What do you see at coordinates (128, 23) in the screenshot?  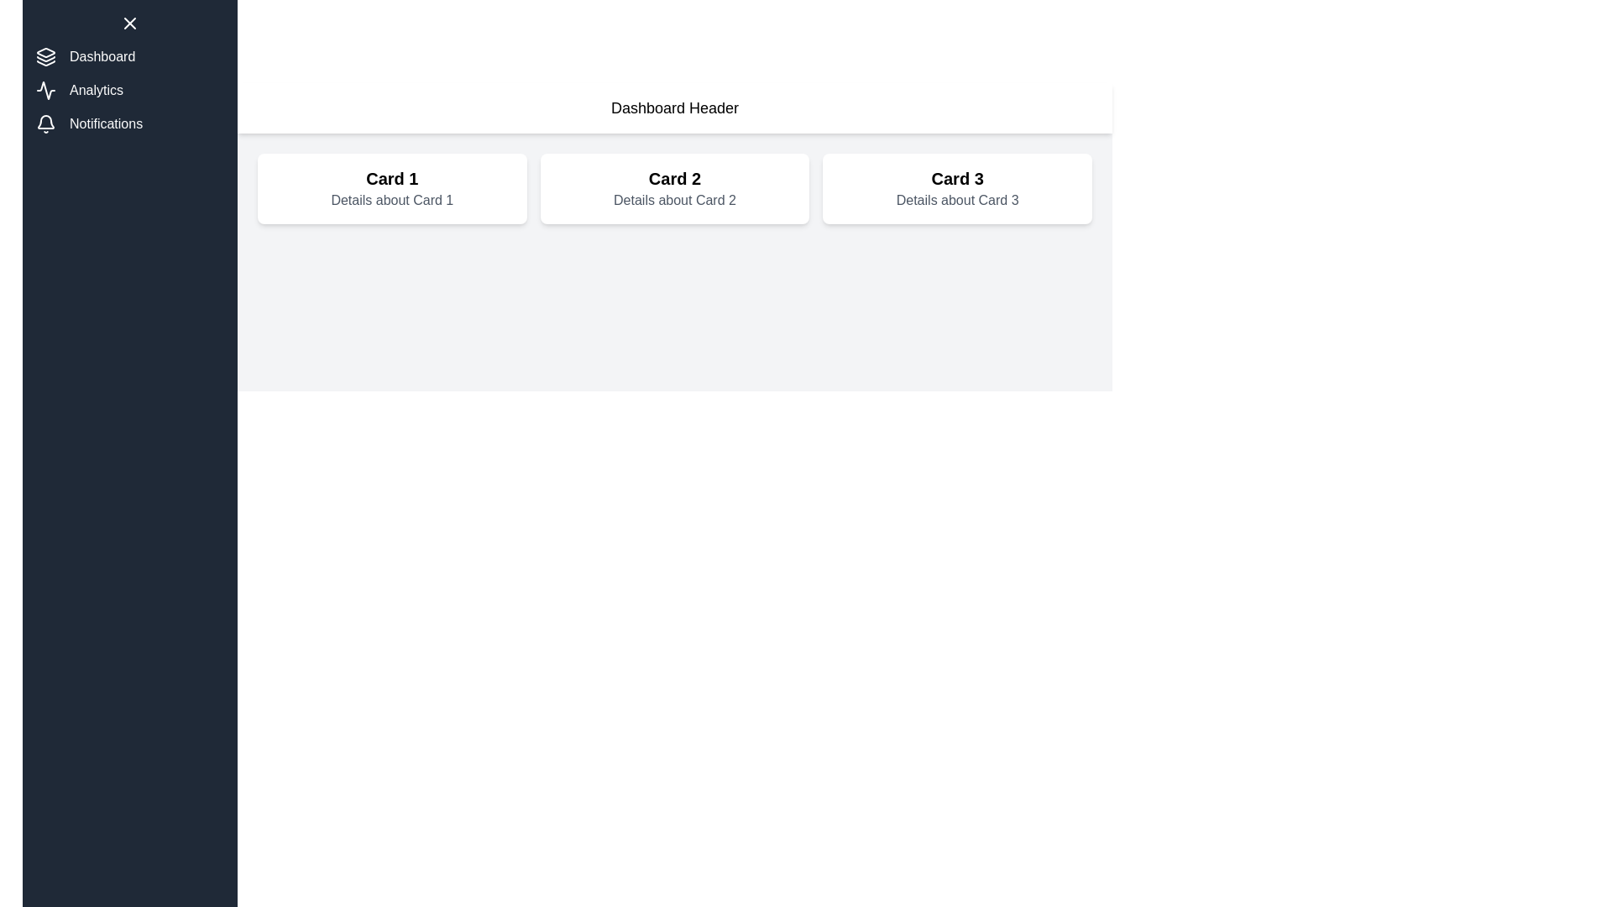 I see `the 'X' shaped close button icon in the upper-left corner of the sidebar menu` at bounding box center [128, 23].